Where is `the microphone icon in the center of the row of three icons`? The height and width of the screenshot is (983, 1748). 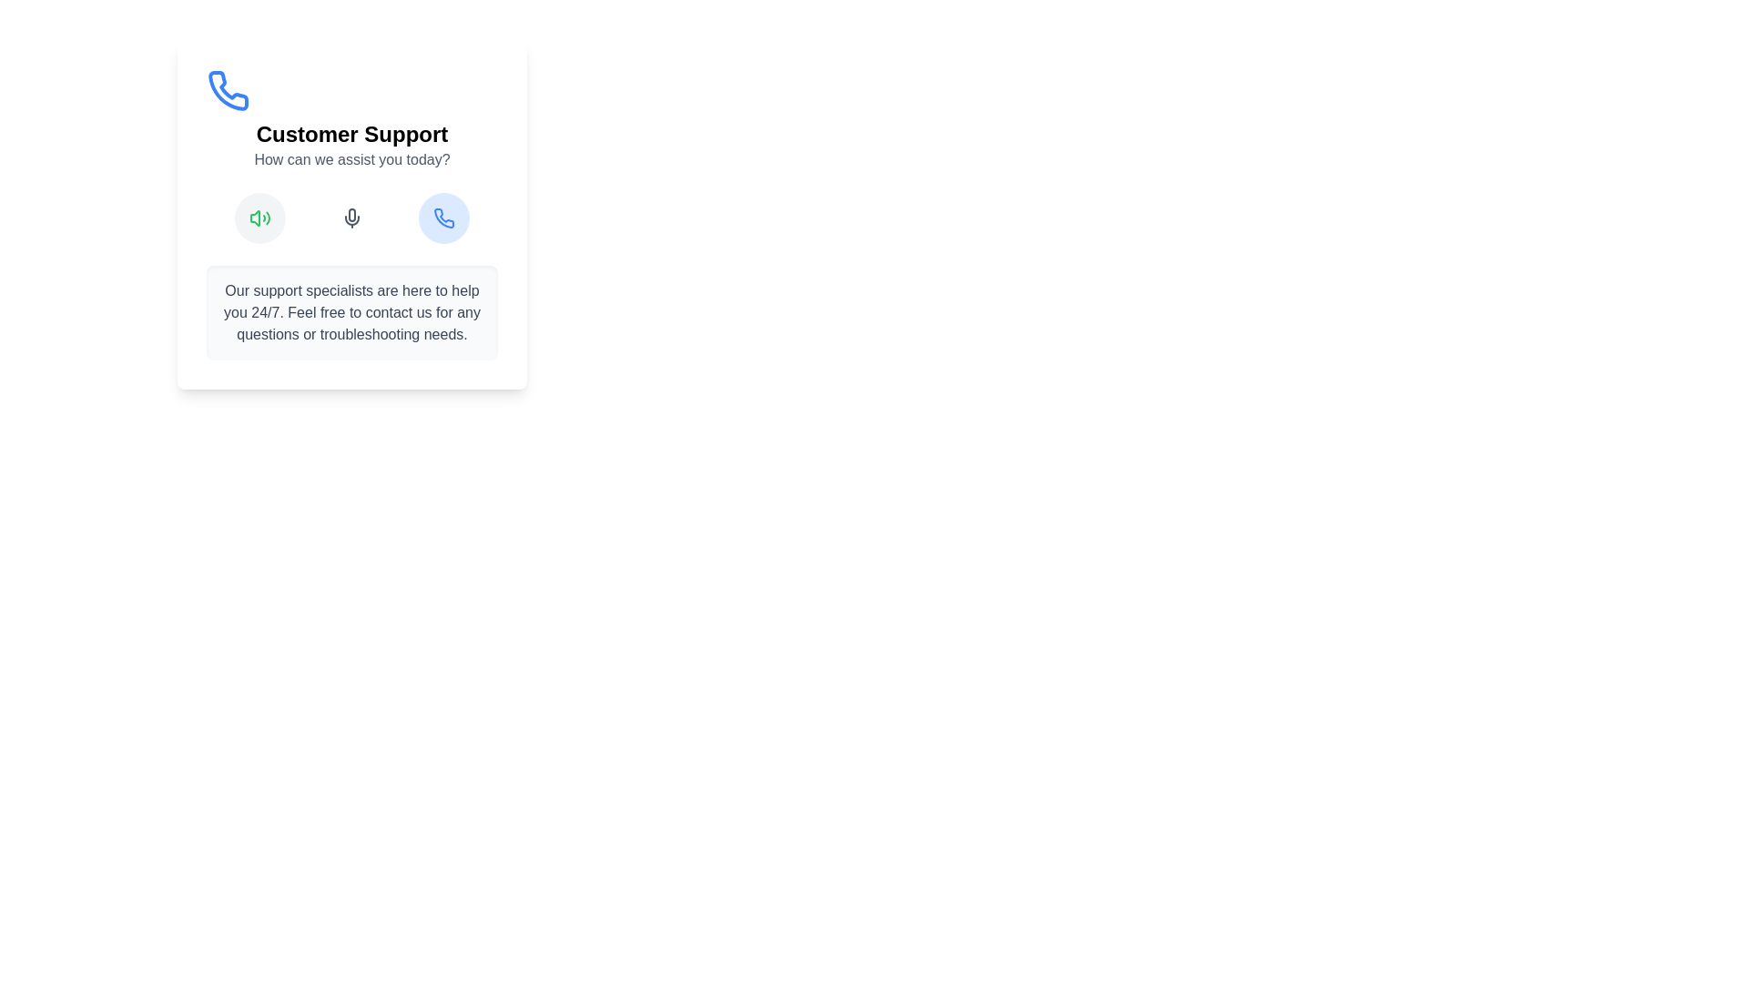 the microphone icon in the center of the row of three icons is located at coordinates (352, 217).